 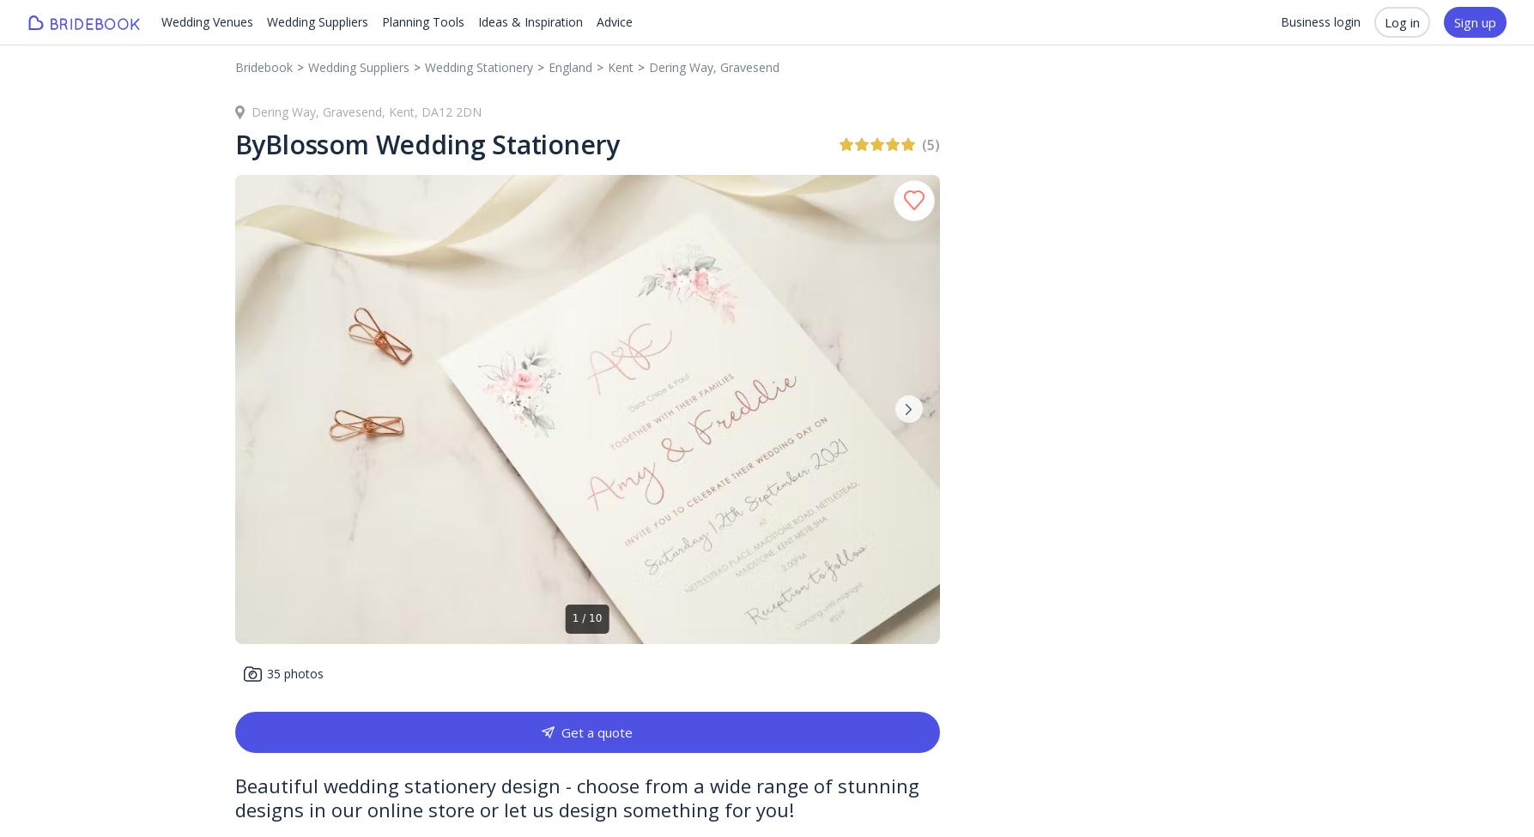 What do you see at coordinates (919, 142) in the screenshot?
I see `'('` at bounding box center [919, 142].